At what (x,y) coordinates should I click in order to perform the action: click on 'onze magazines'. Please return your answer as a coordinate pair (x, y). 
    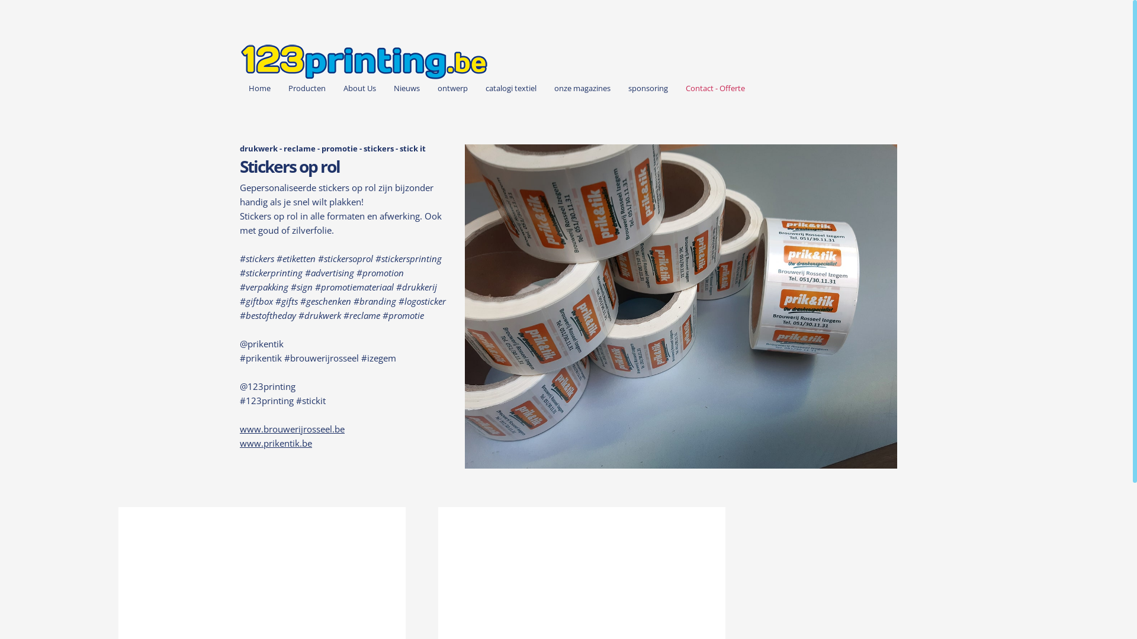
    Looking at the image, I should click on (545, 88).